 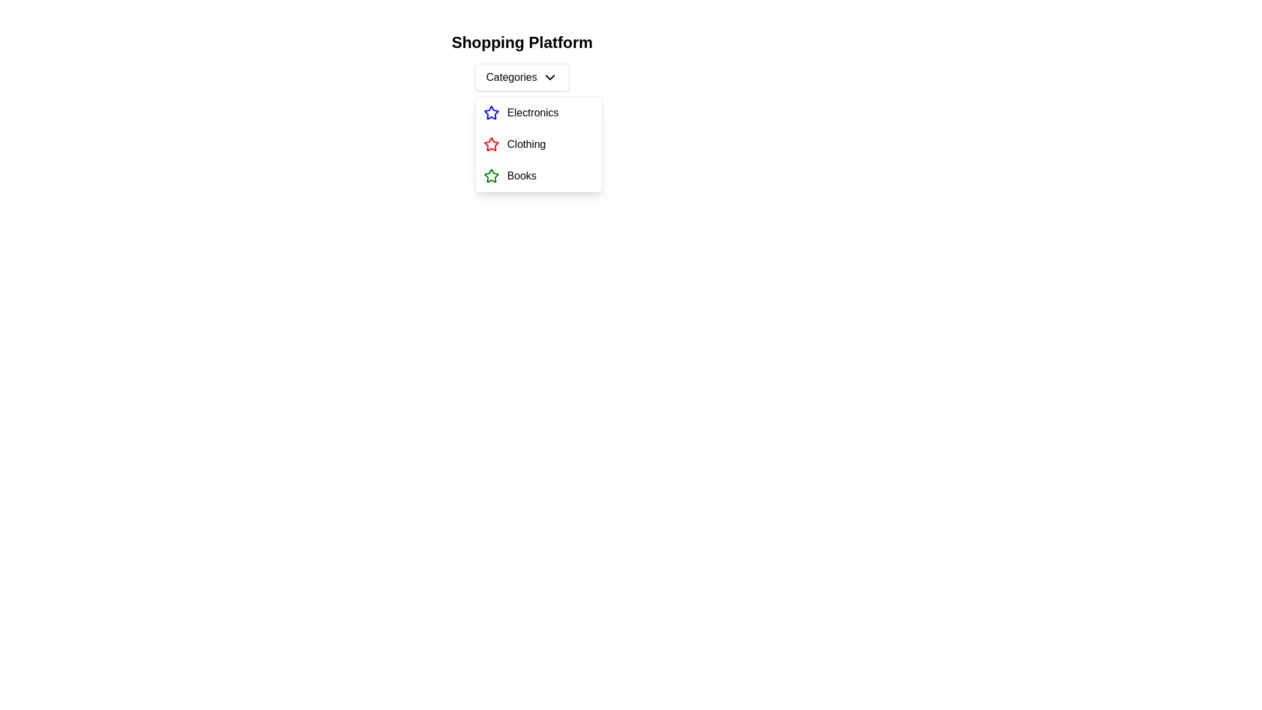 I want to click on the 'Clothing' menu item, which is the second option in a vertical list within a dropdown menu, so click(x=538, y=144).